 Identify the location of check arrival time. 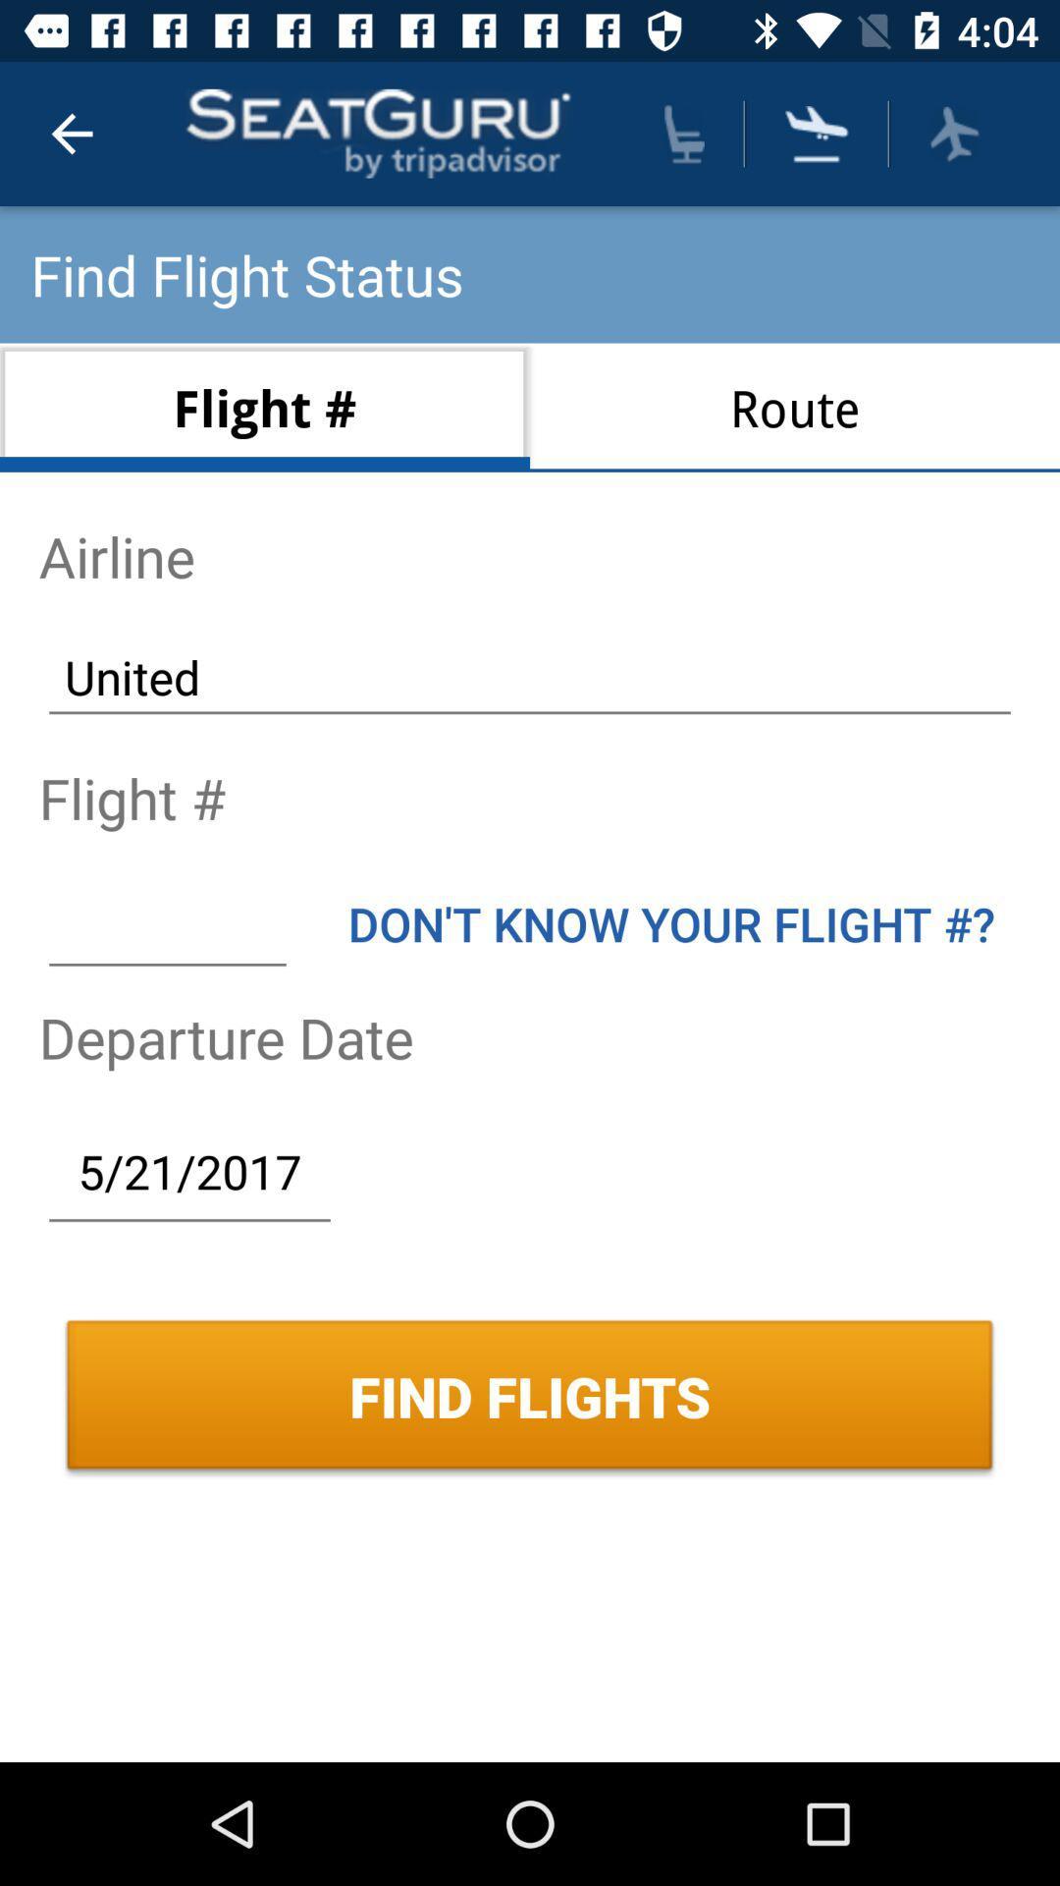
(817, 133).